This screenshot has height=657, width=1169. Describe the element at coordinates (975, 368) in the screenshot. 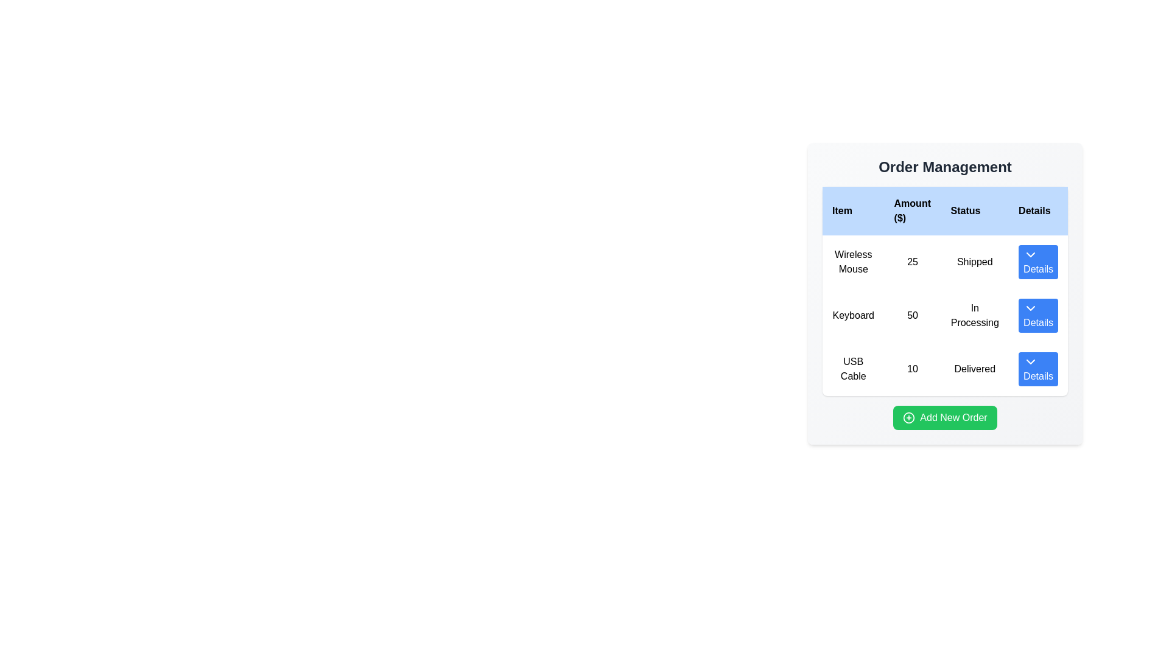

I see `the status text label indicating that the 'USB Cable' order has been delivered, located to the right of the 'Amount ($)' element and left of the 'Details' button` at that location.